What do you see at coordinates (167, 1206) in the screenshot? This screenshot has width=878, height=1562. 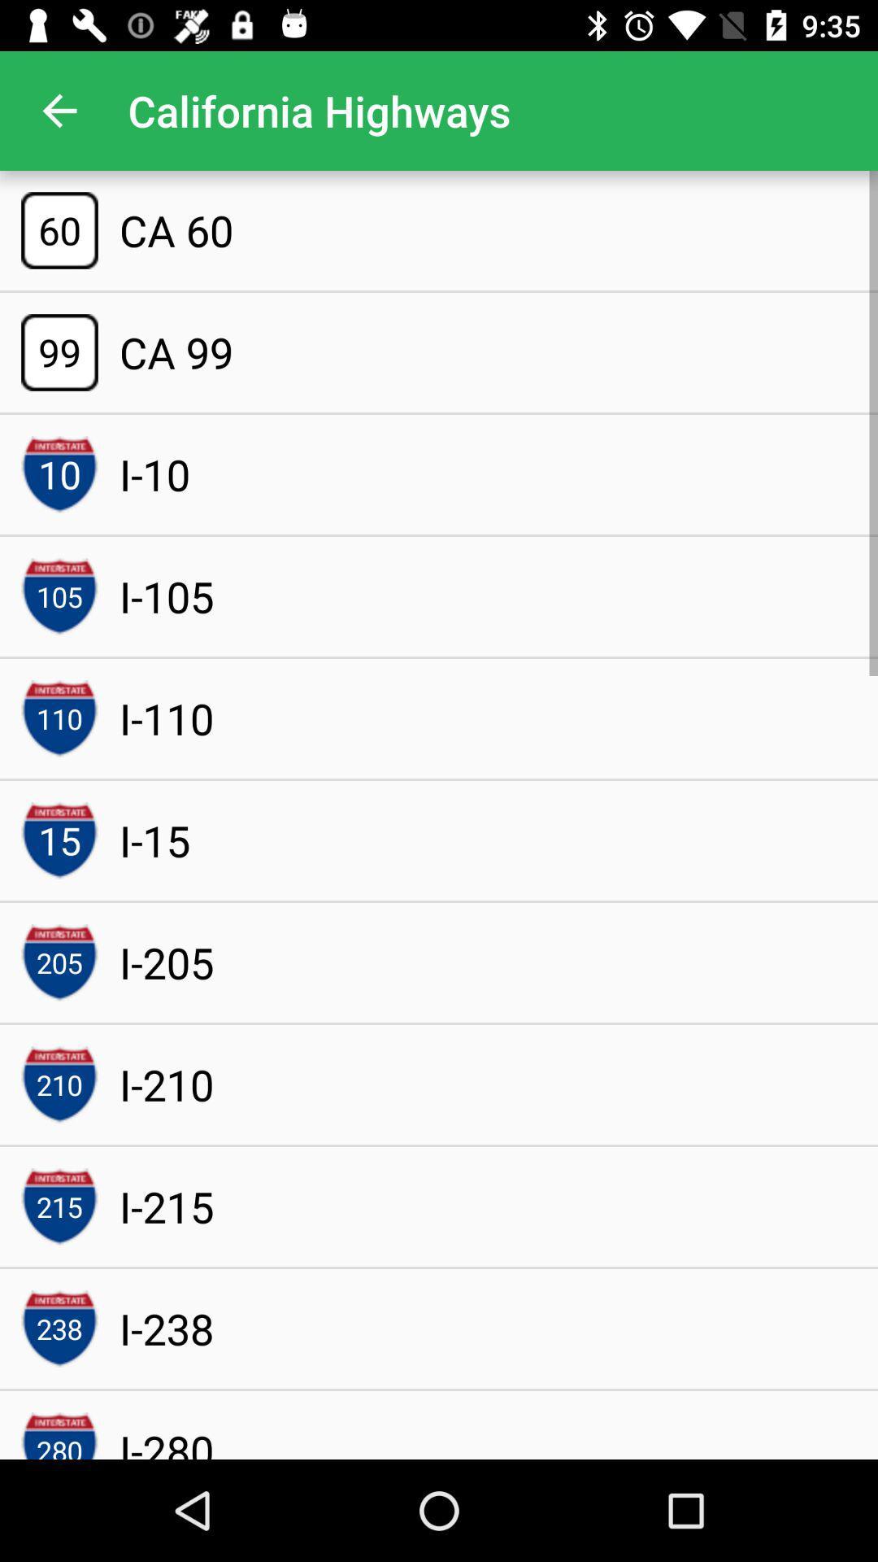 I see `i-215 icon` at bounding box center [167, 1206].